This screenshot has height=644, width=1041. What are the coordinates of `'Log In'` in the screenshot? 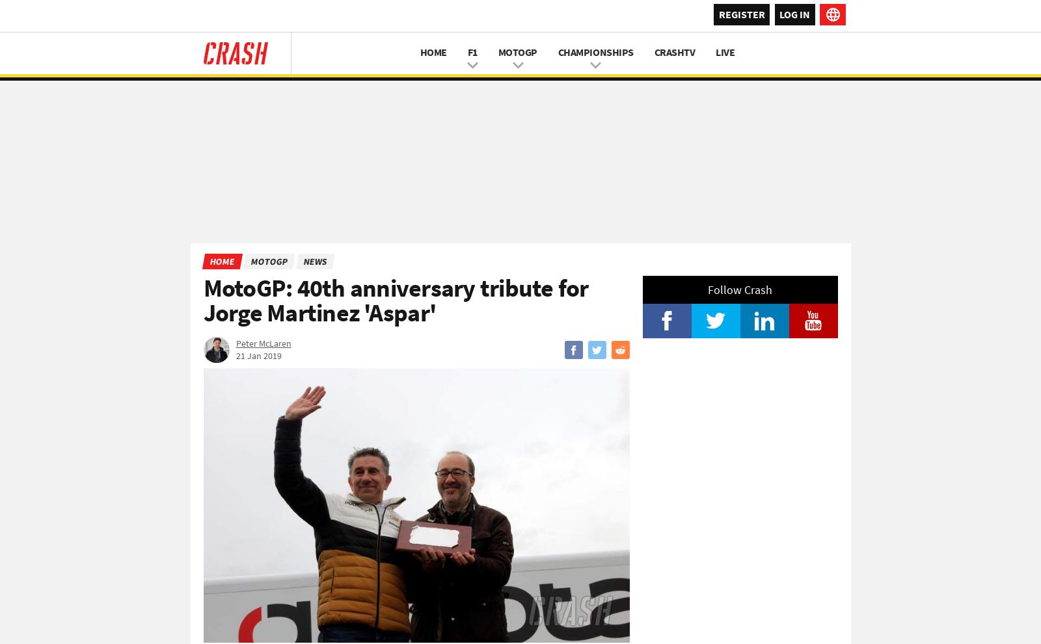 It's located at (794, 12).